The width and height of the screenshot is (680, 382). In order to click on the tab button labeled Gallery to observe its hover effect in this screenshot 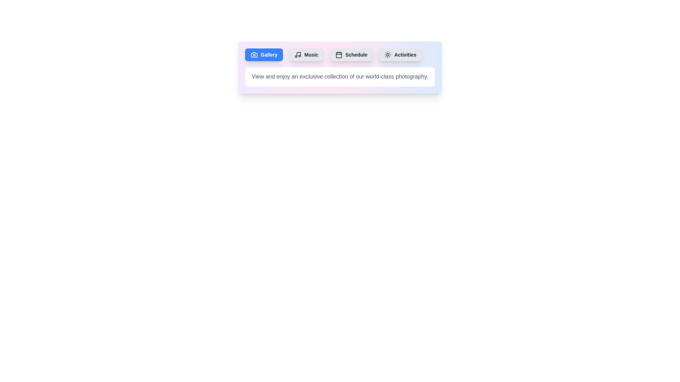, I will do `click(263, 54)`.